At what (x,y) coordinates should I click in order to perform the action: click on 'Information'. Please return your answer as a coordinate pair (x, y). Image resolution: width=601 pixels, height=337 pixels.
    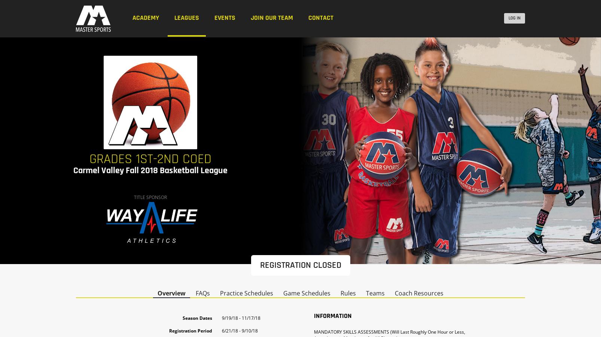
    Looking at the image, I should click on (333, 316).